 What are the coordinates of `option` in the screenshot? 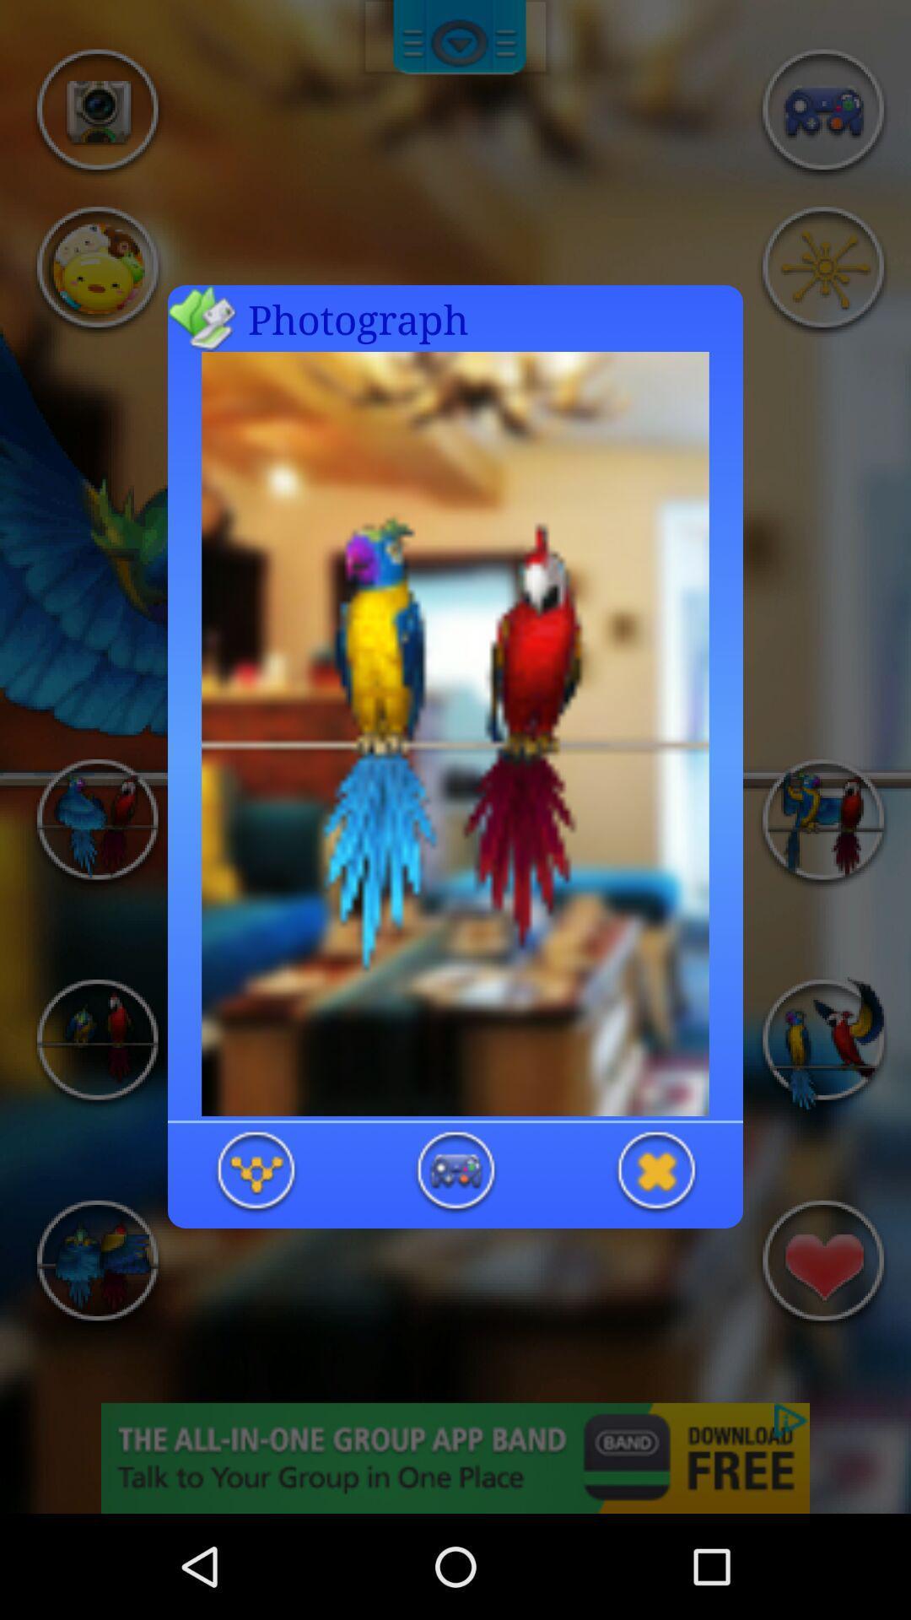 It's located at (454, 1172).